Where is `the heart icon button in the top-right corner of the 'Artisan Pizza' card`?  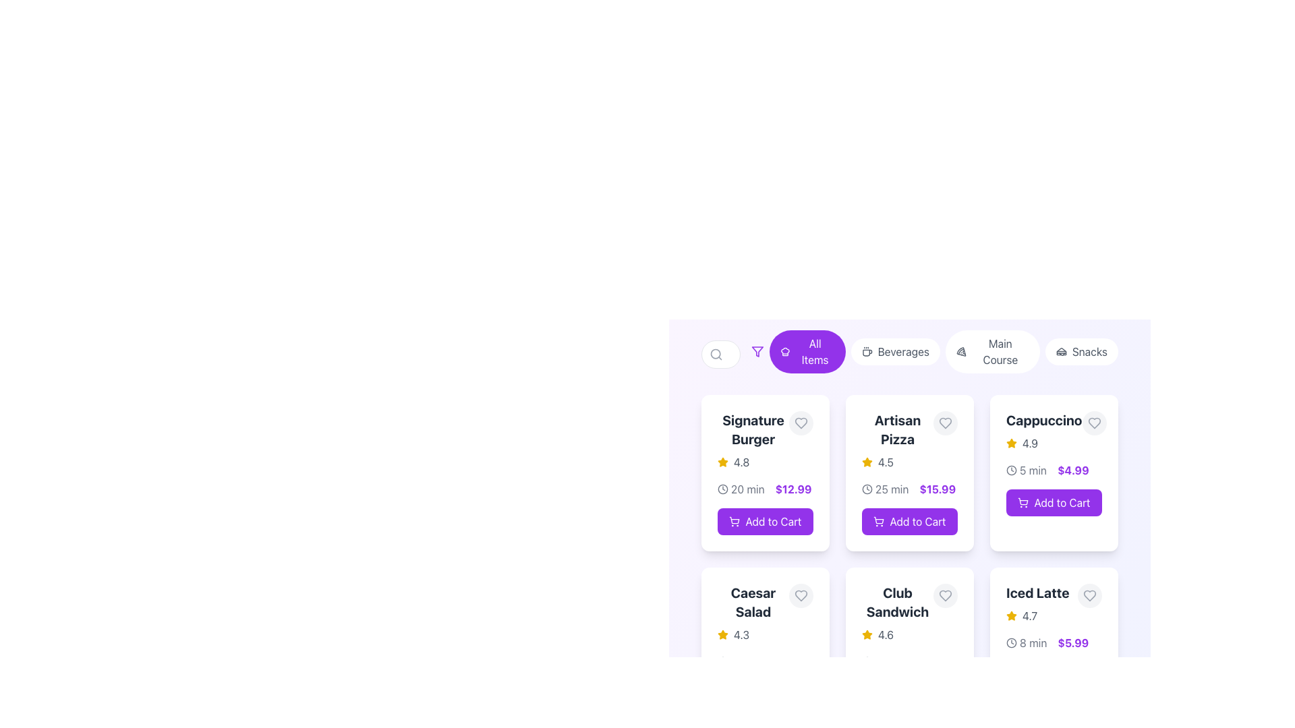 the heart icon button in the top-right corner of the 'Artisan Pizza' card is located at coordinates (944, 423).